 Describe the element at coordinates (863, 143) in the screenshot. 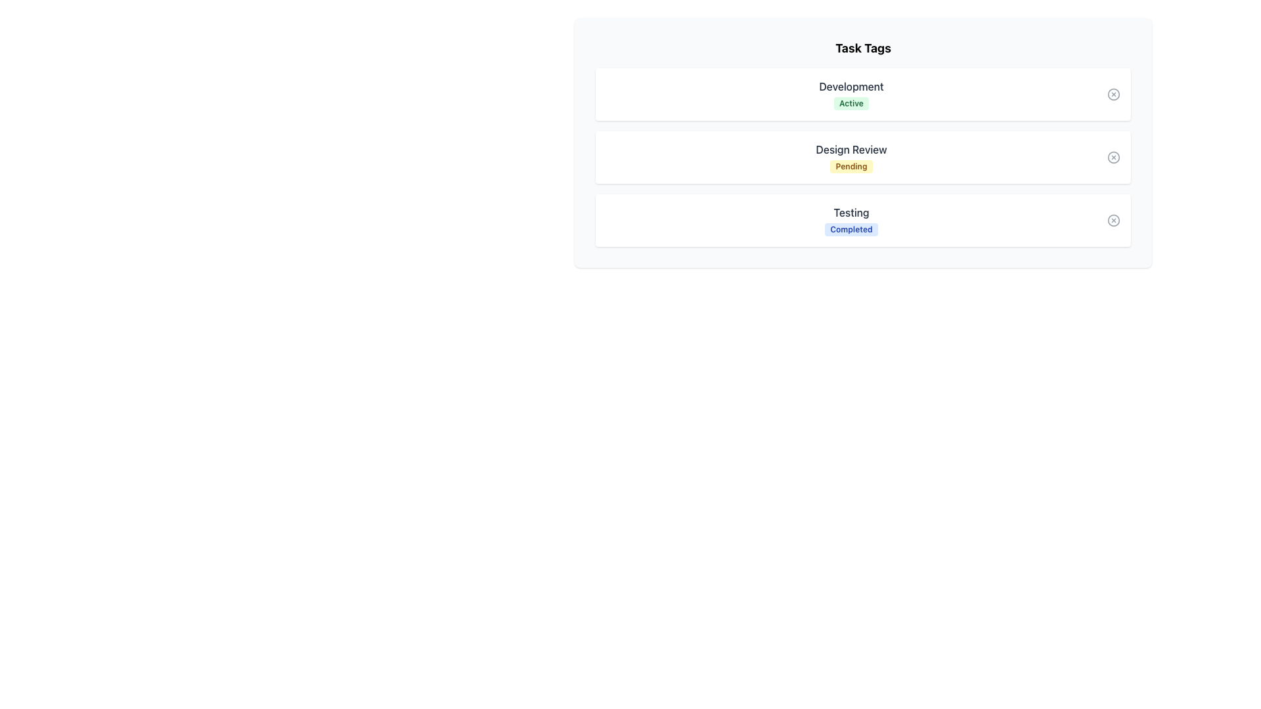

I see `the List item representing the task labeled 'Design Review' with status 'Pending', located below the 'Task Tags' header` at that location.